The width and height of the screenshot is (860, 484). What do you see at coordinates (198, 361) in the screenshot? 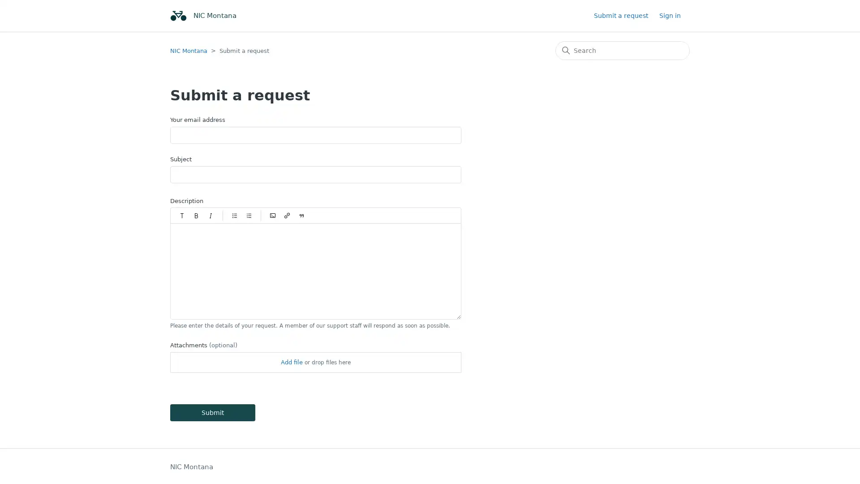
I see `Choose Files` at bounding box center [198, 361].